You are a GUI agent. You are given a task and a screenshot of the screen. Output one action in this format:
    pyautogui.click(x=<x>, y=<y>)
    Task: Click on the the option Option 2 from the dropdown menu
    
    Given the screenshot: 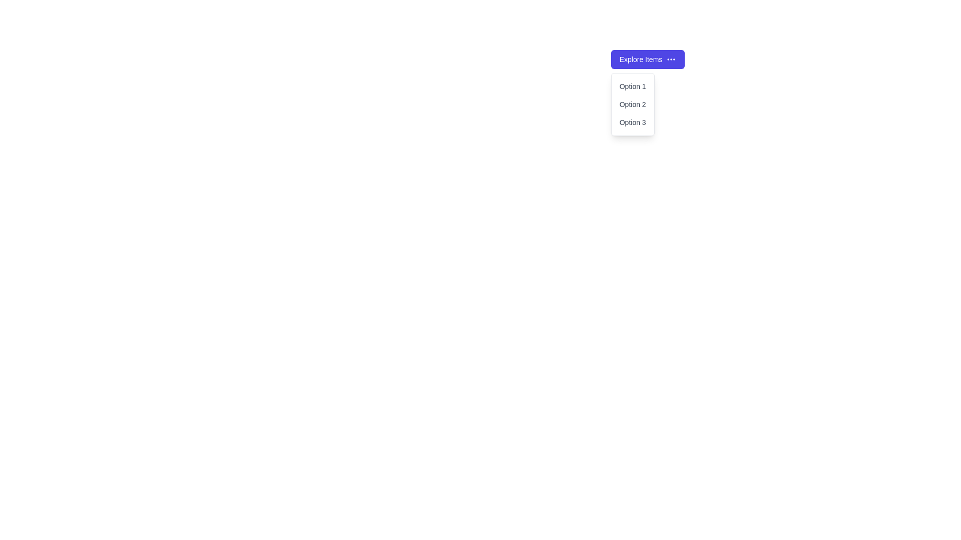 What is the action you would take?
    pyautogui.click(x=632, y=104)
    